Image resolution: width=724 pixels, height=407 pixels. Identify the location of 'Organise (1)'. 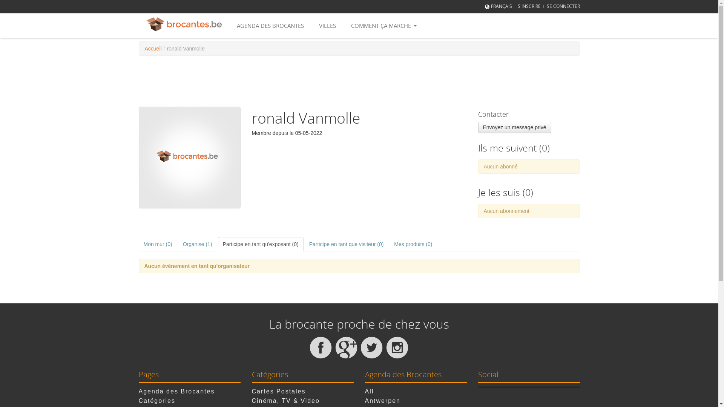
(197, 244).